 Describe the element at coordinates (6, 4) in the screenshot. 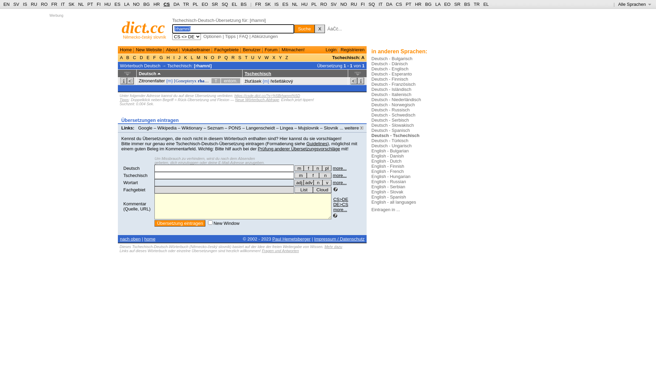

I see `'EN'` at that location.